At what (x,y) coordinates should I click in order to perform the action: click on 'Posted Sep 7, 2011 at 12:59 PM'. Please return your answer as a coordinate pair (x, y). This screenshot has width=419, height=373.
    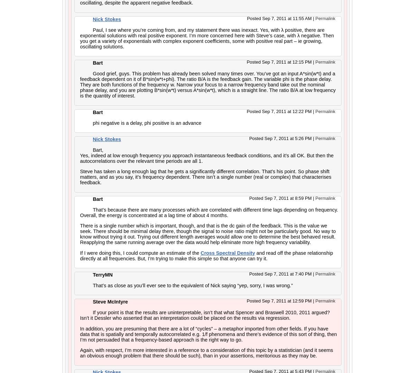
    Looking at the image, I should click on (279, 301).